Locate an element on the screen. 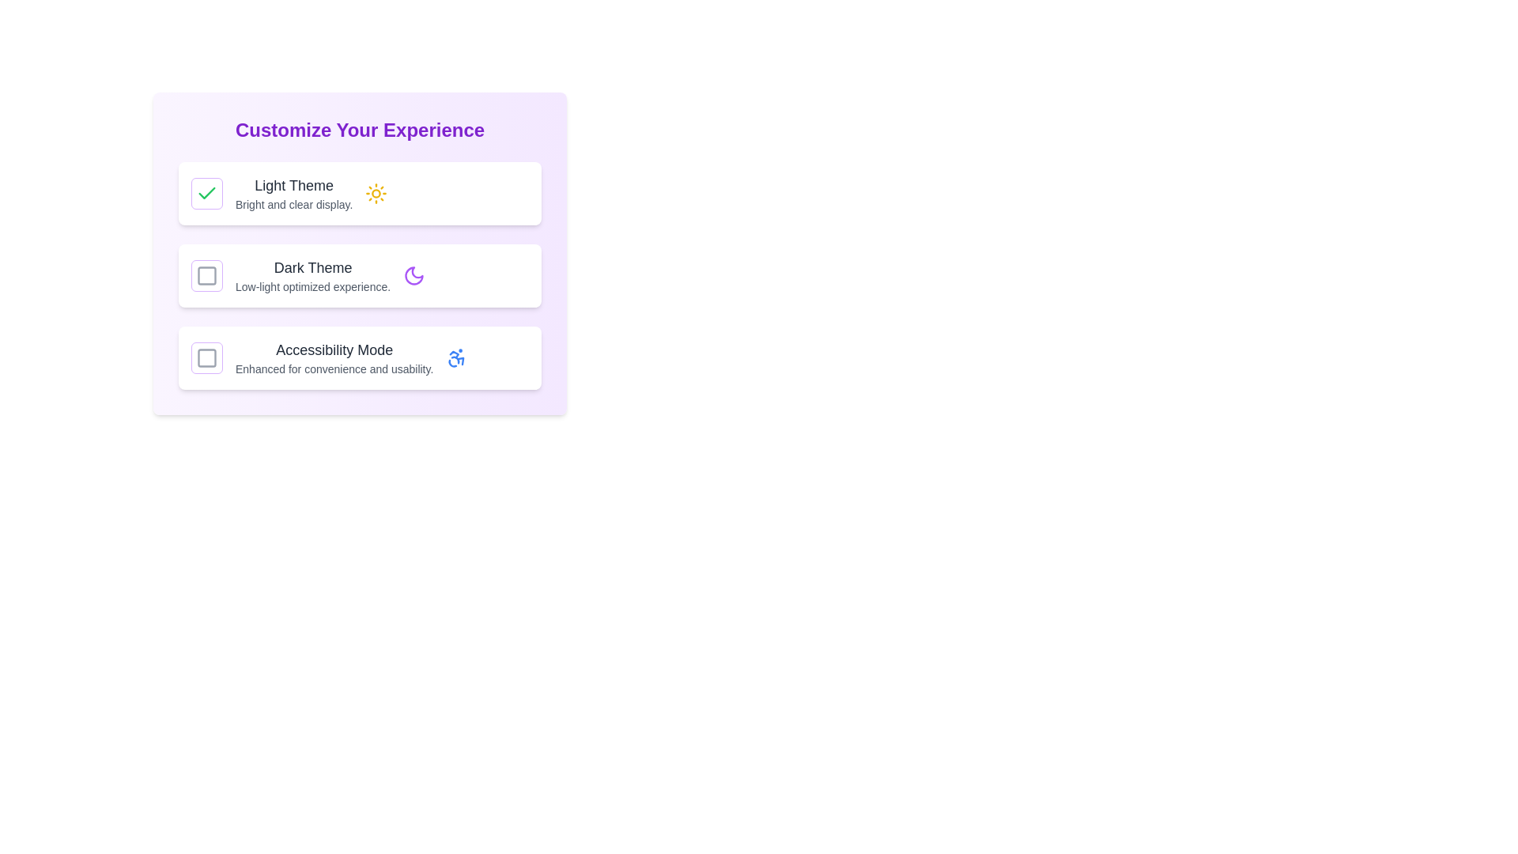 The height and width of the screenshot is (854, 1518). the sun-shaped icon with vibrant yellow color located in the 'Light Theme' option, positioned to the left of the text 'Bright and clear display.' is located at coordinates (376, 193).